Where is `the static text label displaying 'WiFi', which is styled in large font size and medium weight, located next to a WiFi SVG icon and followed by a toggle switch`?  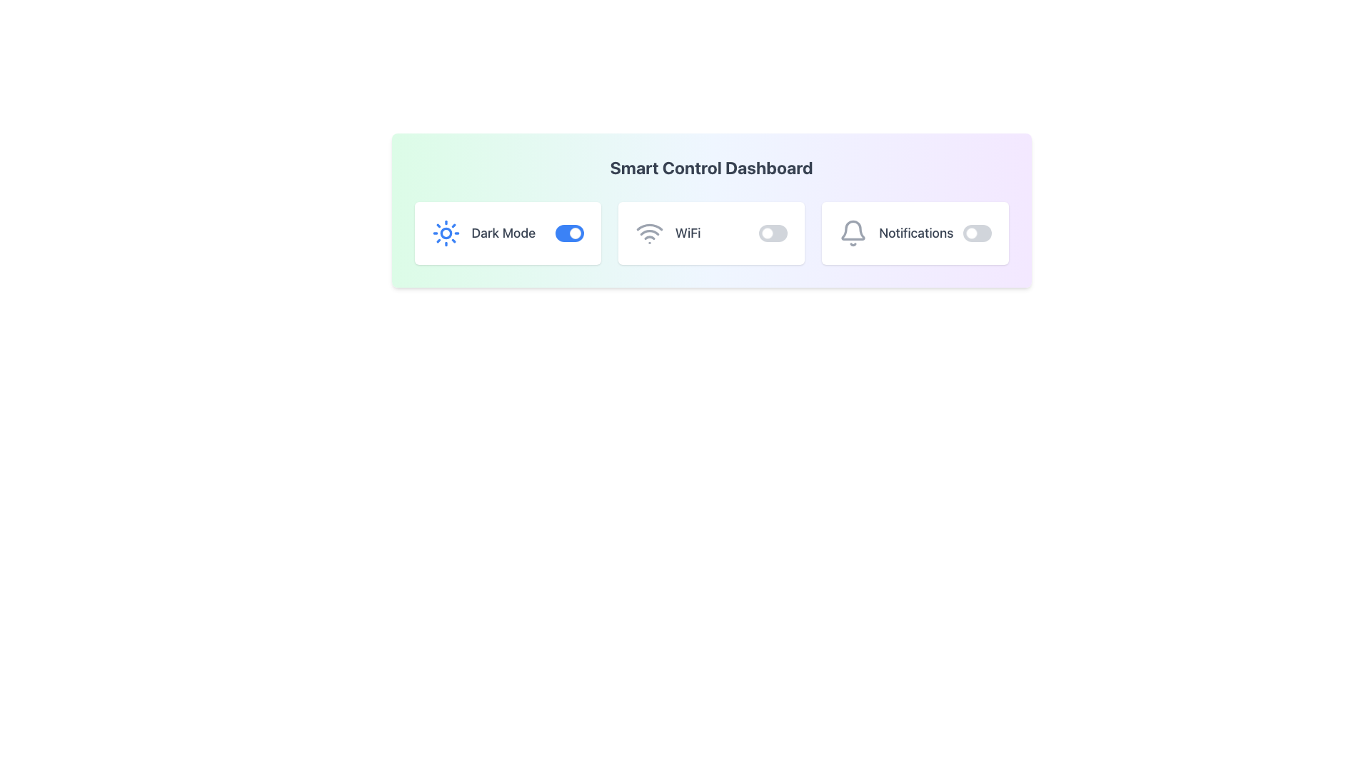
the static text label displaying 'WiFi', which is styled in large font size and medium weight, located next to a WiFi SVG icon and followed by a toggle switch is located at coordinates (688, 233).